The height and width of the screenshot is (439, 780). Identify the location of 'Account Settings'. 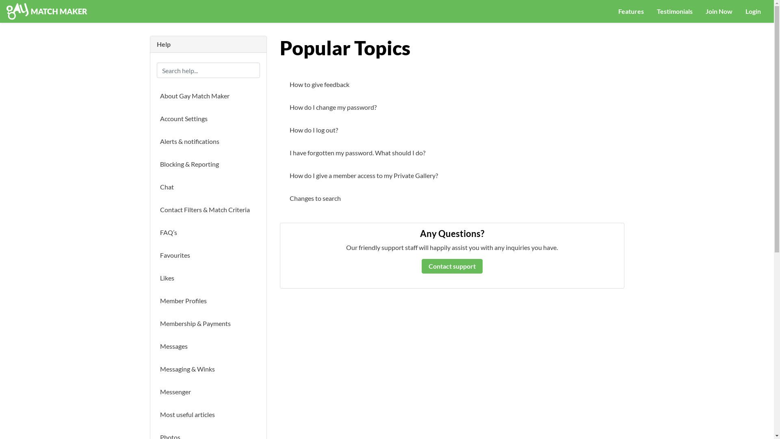
(156, 119).